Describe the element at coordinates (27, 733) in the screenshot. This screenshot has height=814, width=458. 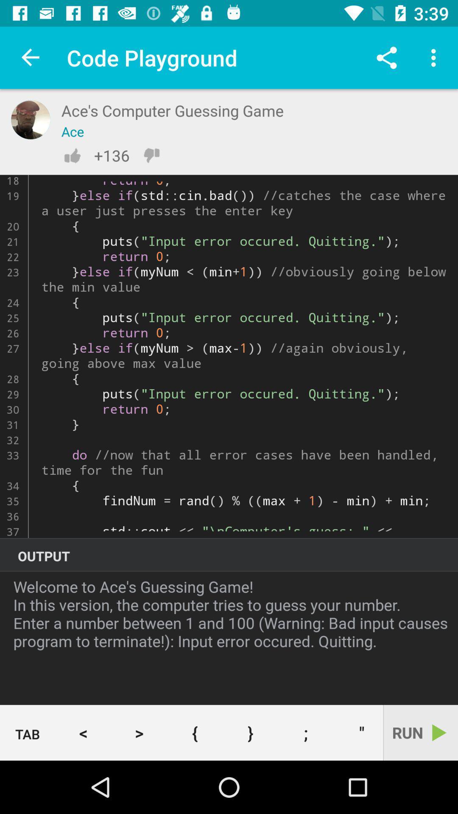
I see `the button to the left of the < item` at that location.